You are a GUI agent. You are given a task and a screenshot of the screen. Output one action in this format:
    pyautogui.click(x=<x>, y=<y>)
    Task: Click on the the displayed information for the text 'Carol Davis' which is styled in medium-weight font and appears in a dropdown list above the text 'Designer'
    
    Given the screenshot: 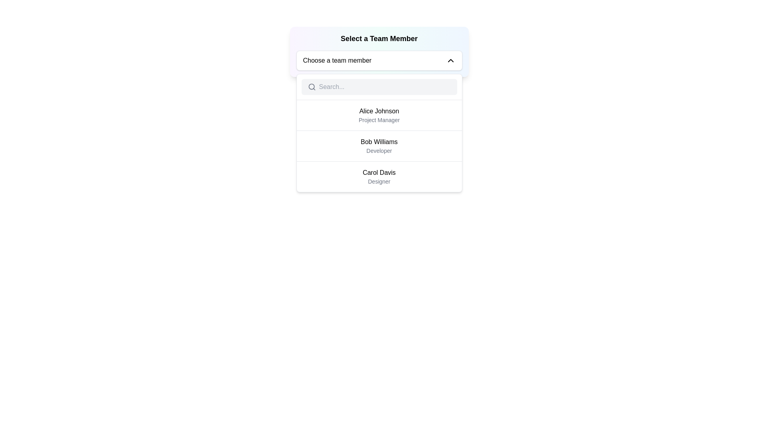 What is the action you would take?
    pyautogui.click(x=379, y=172)
    